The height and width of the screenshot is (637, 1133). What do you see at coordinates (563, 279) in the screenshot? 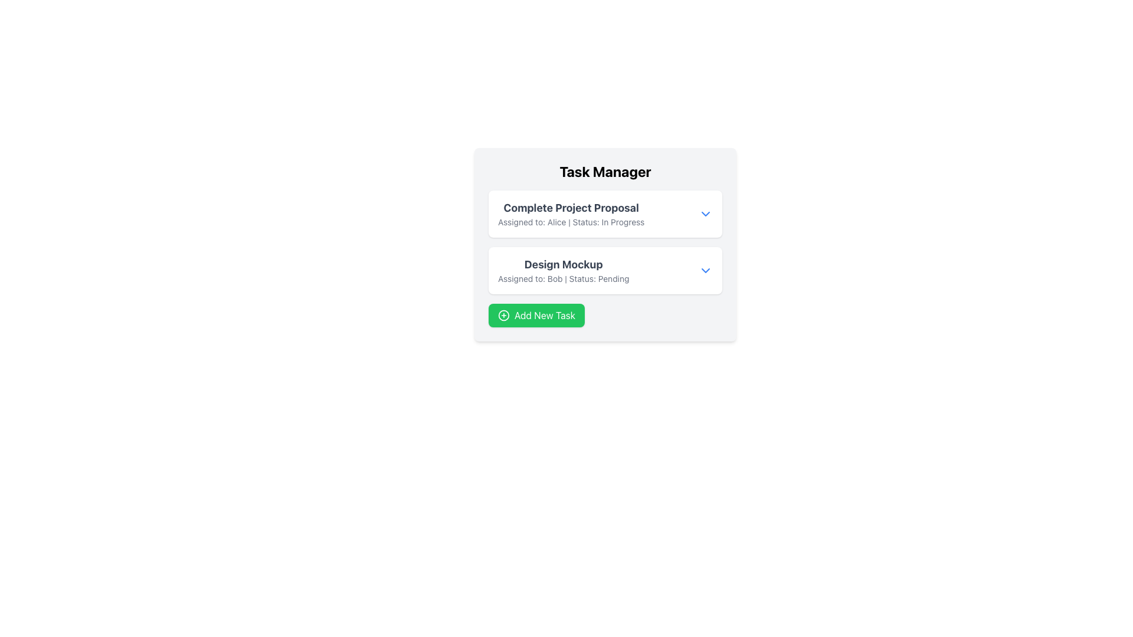
I see `the text label displaying 'Assigned to: Bob | Status: Pending', which is aligned below the main heading 'Design Mockup'` at bounding box center [563, 279].